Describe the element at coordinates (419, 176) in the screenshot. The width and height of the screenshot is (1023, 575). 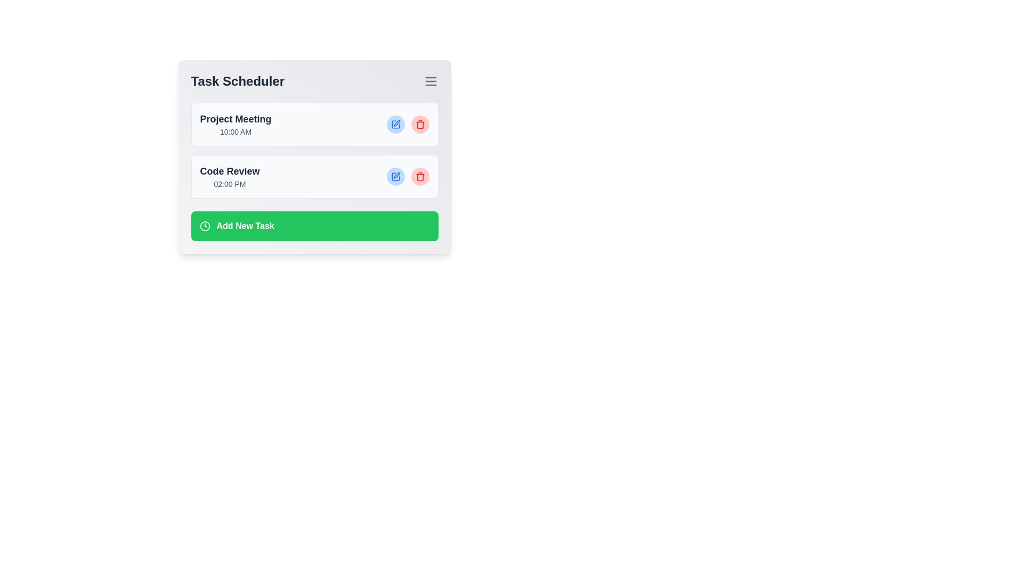
I see `the rightmost button in the second row of the task list` at that location.